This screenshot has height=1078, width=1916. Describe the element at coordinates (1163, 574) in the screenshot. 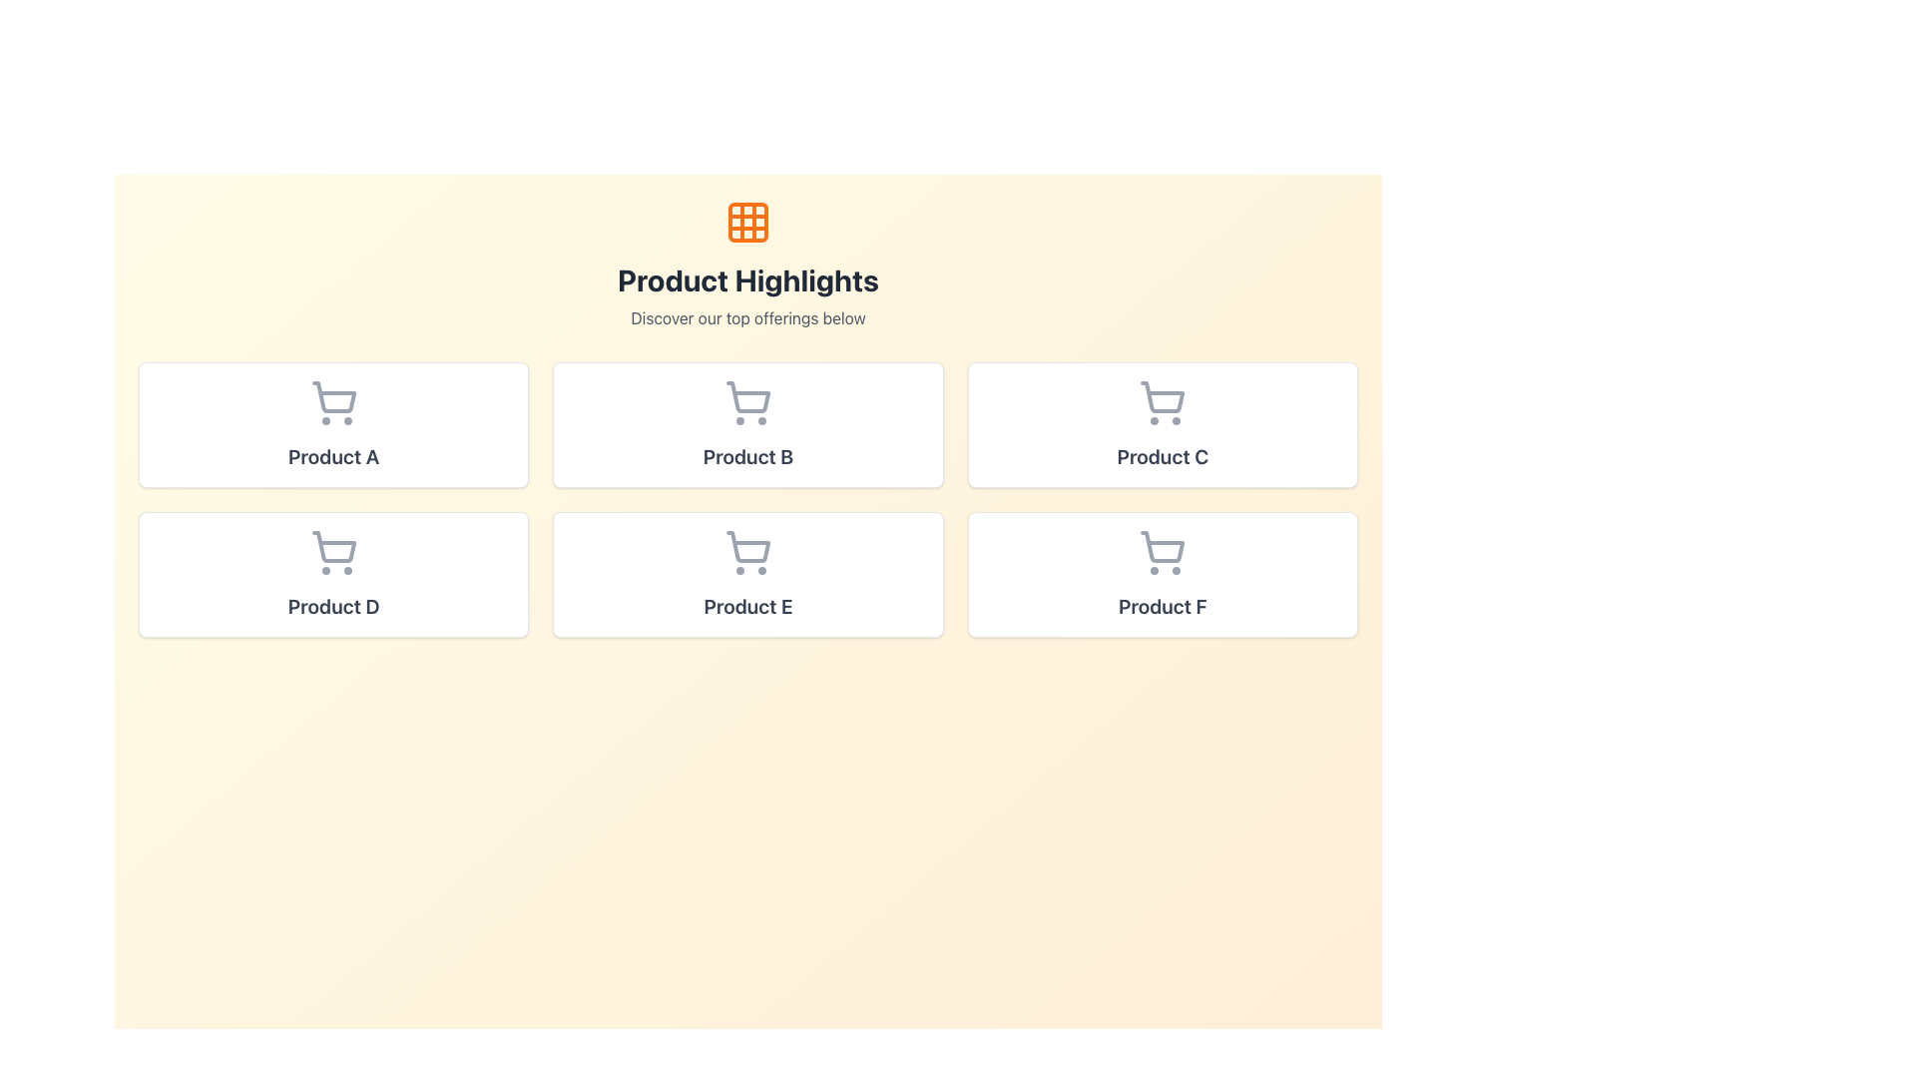

I see `the card component displaying 'Product F', which is located in the bottom-right corner of the grid layout` at that location.